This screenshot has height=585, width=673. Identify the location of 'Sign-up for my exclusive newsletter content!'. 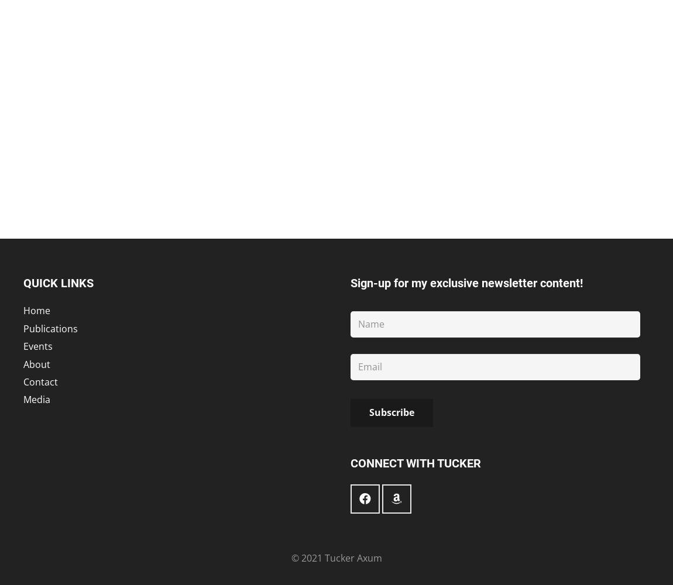
(466, 283).